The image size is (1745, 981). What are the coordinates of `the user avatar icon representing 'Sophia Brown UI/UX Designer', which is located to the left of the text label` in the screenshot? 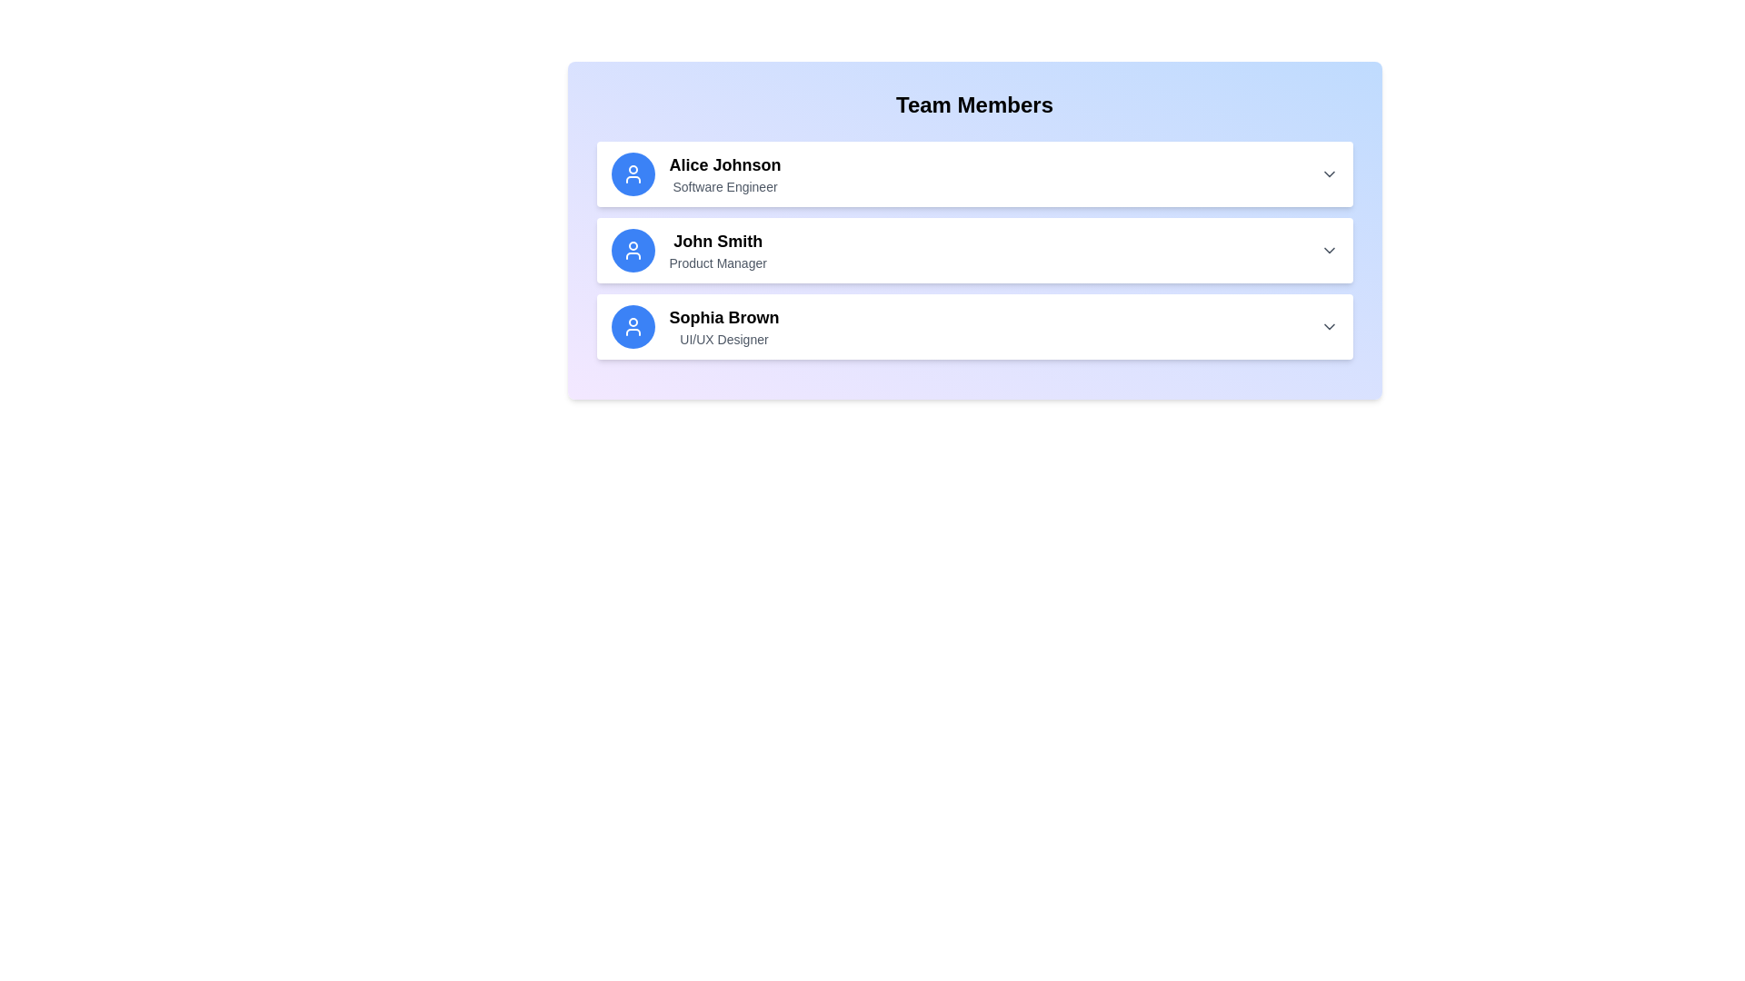 It's located at (633, 325).